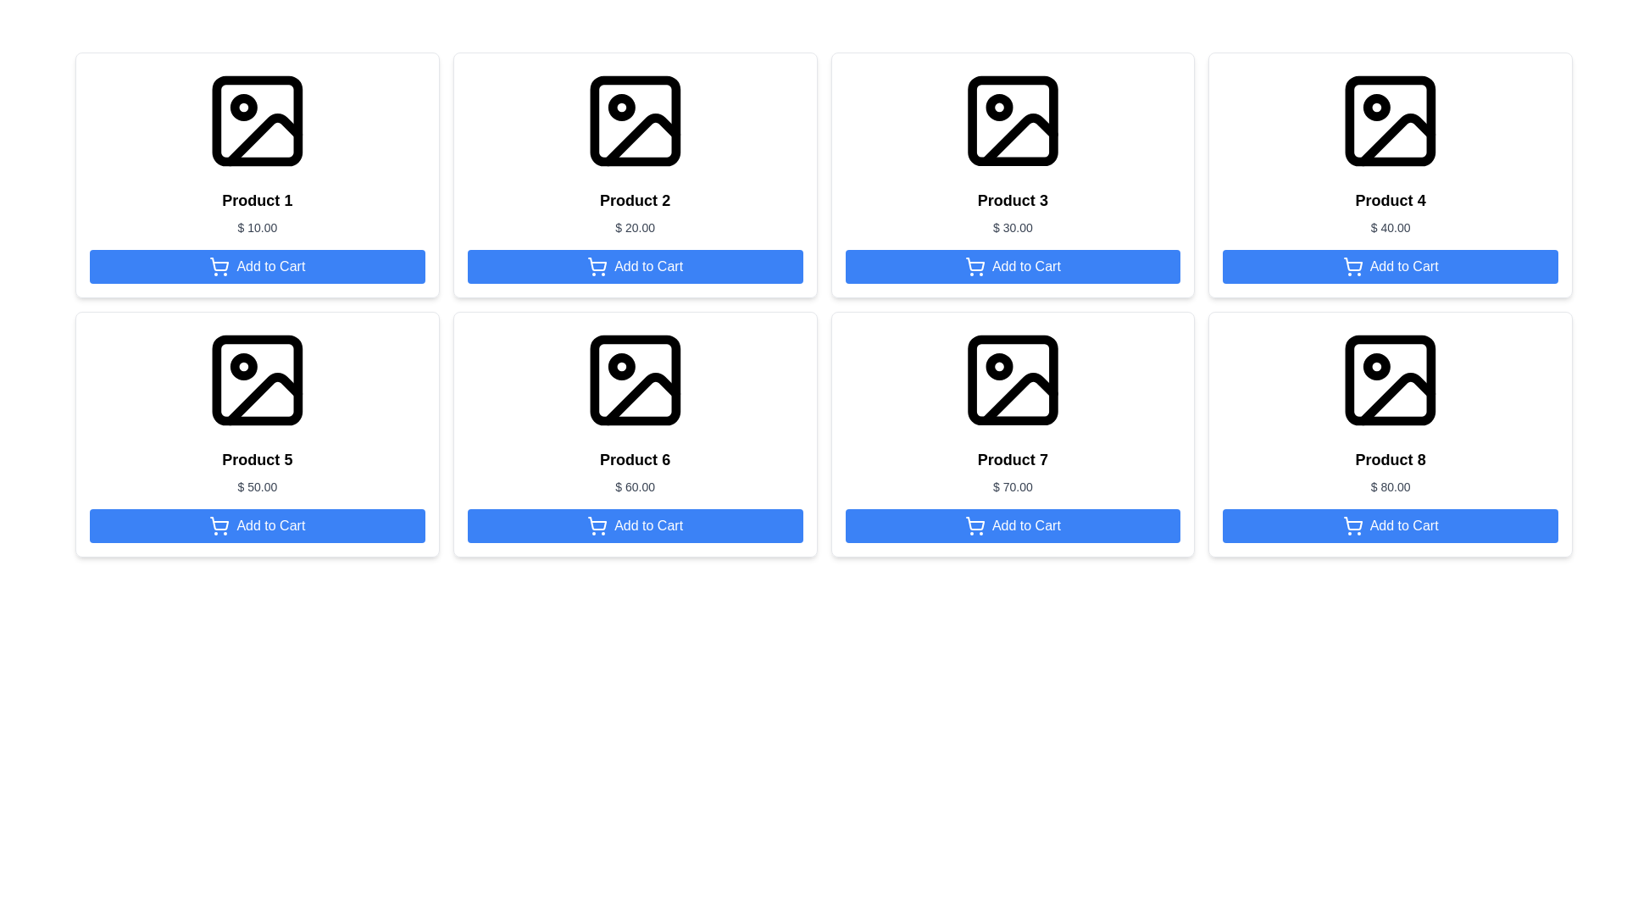 The width and height of the screenshot is (1627, 915). What do you see at coordinates (1377, 108) in the screenshot?
I see `the small circular graphic component with a black border and white fill, located within the image icon of the 'Product 4' card in the grid layout` at bounding box center [1377, 108].